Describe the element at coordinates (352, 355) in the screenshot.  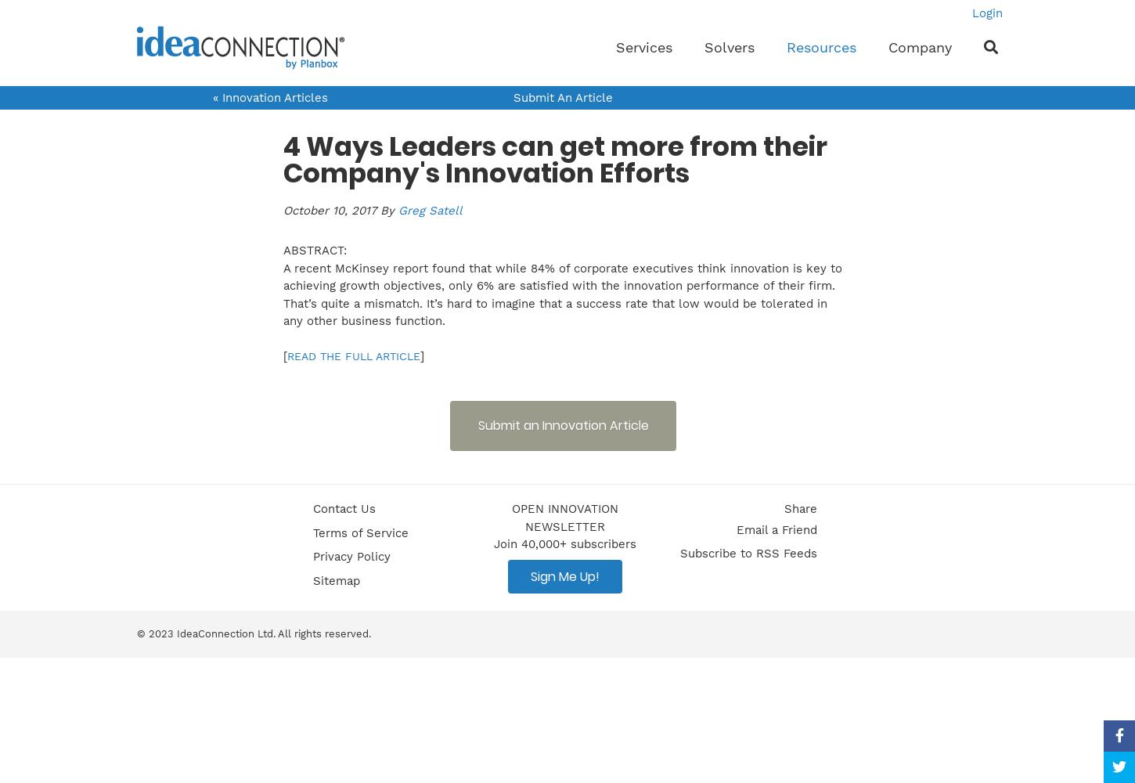
I see `'READ THE FULL ARTICLE'` at that location.